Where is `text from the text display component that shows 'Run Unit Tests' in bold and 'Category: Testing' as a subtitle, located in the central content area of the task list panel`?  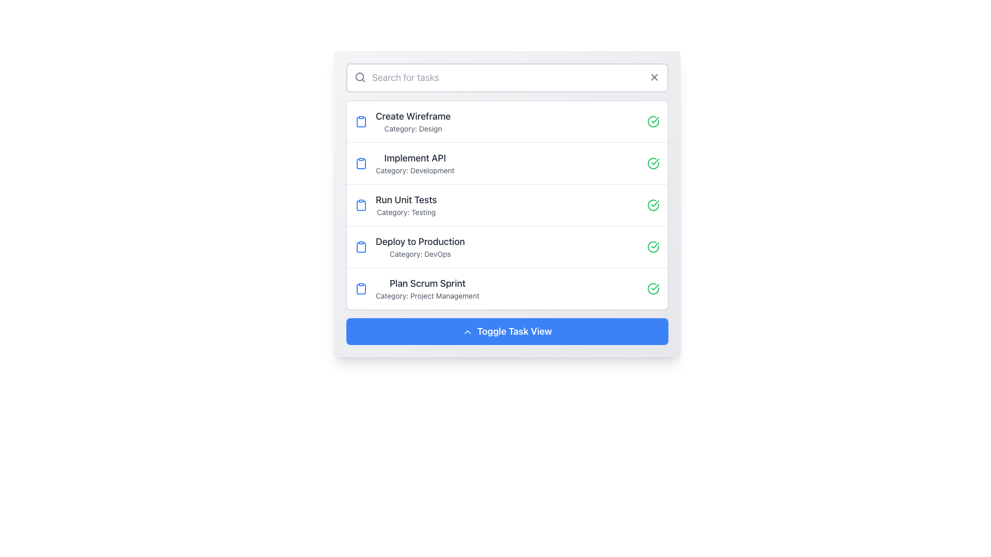 text from the text display component that shows 'Run Unit Tests' in bold and 'Category: Testing' as a subtitle, located in the central content area of the task list panel is located at coordinates (406, 205).